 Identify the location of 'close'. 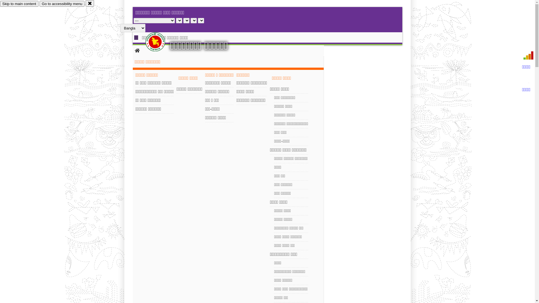
(90, 3).